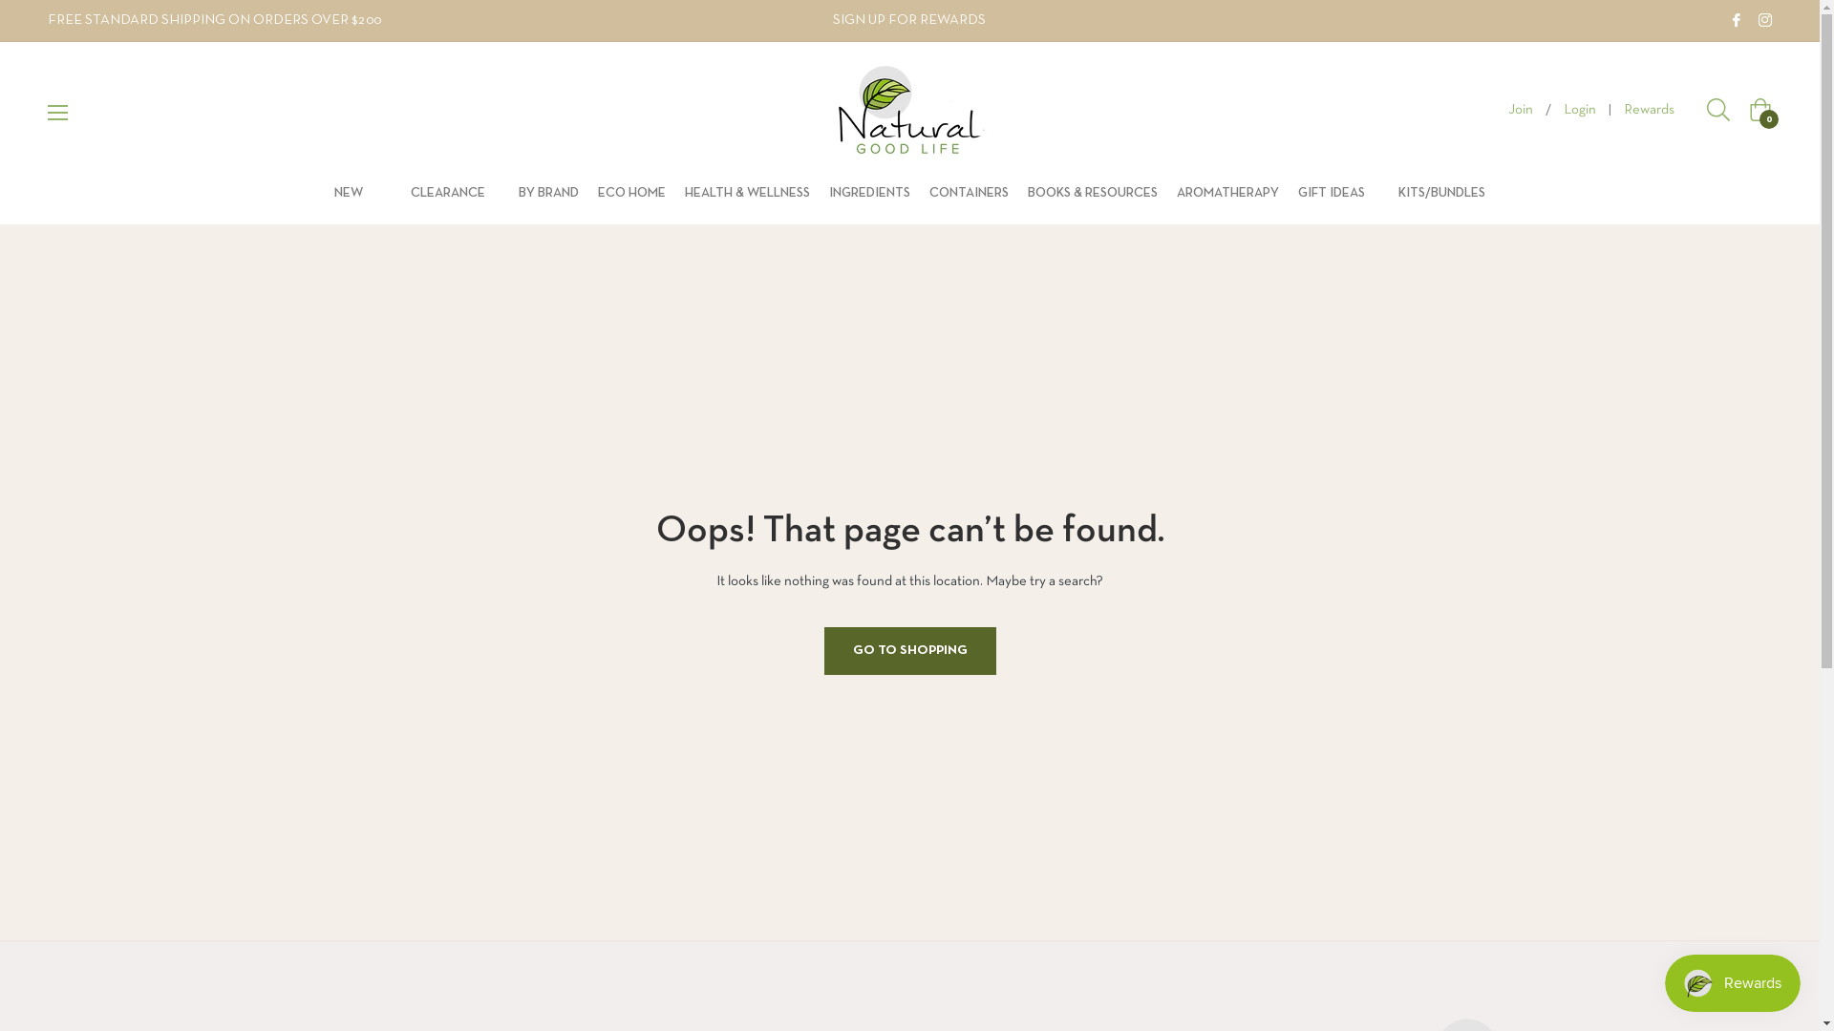  I want to click on 'BOOKS & RESOURCES', so click(1092, 193).